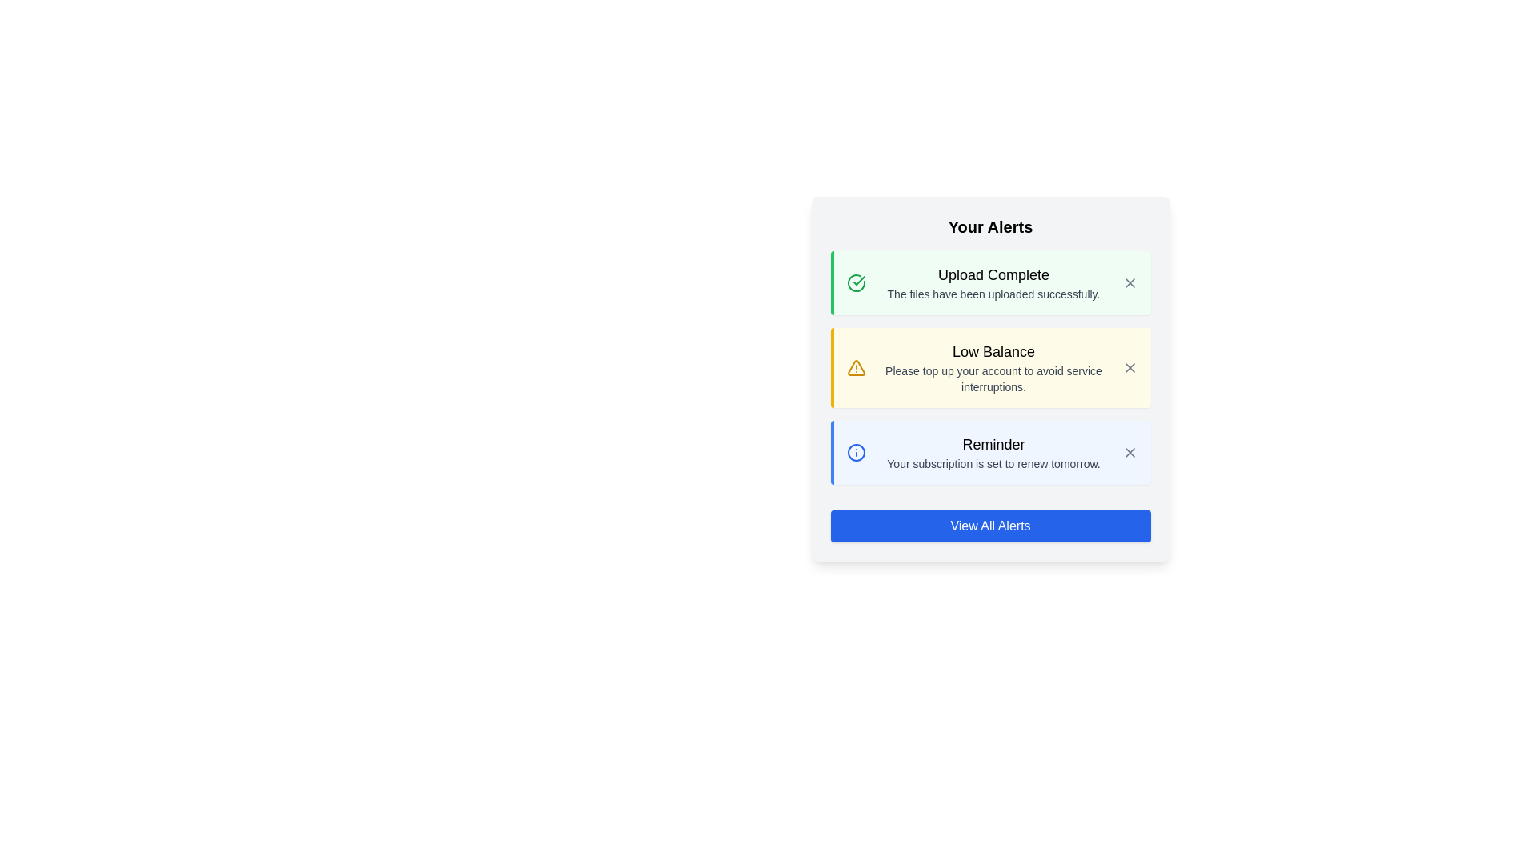  What do you see at coordinates (855, 453) in the screenshot?
I see `the informational reminder icon located to the left of the text 'Reminder' in the third notification card of the 'Your Alerts' section` at bounding box center [855, 453].